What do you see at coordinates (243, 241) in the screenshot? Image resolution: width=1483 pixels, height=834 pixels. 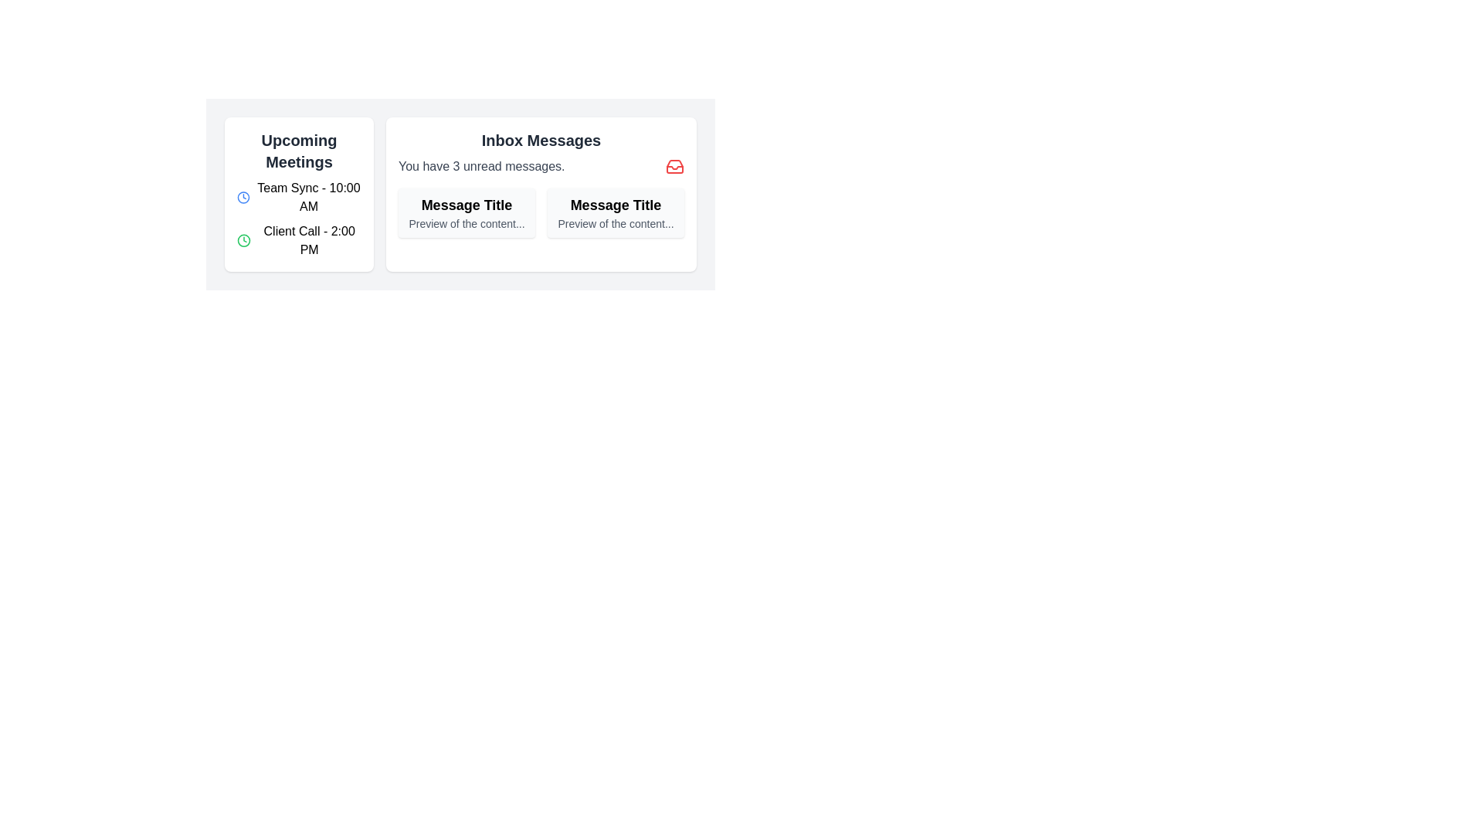 I see `the circular outline of the graphical icon located in the 'Upcoming Meetings' section, positioned near the text listing meeting details like 'Team Sync - 10:00 AM'` at bounding box center [243, 241].